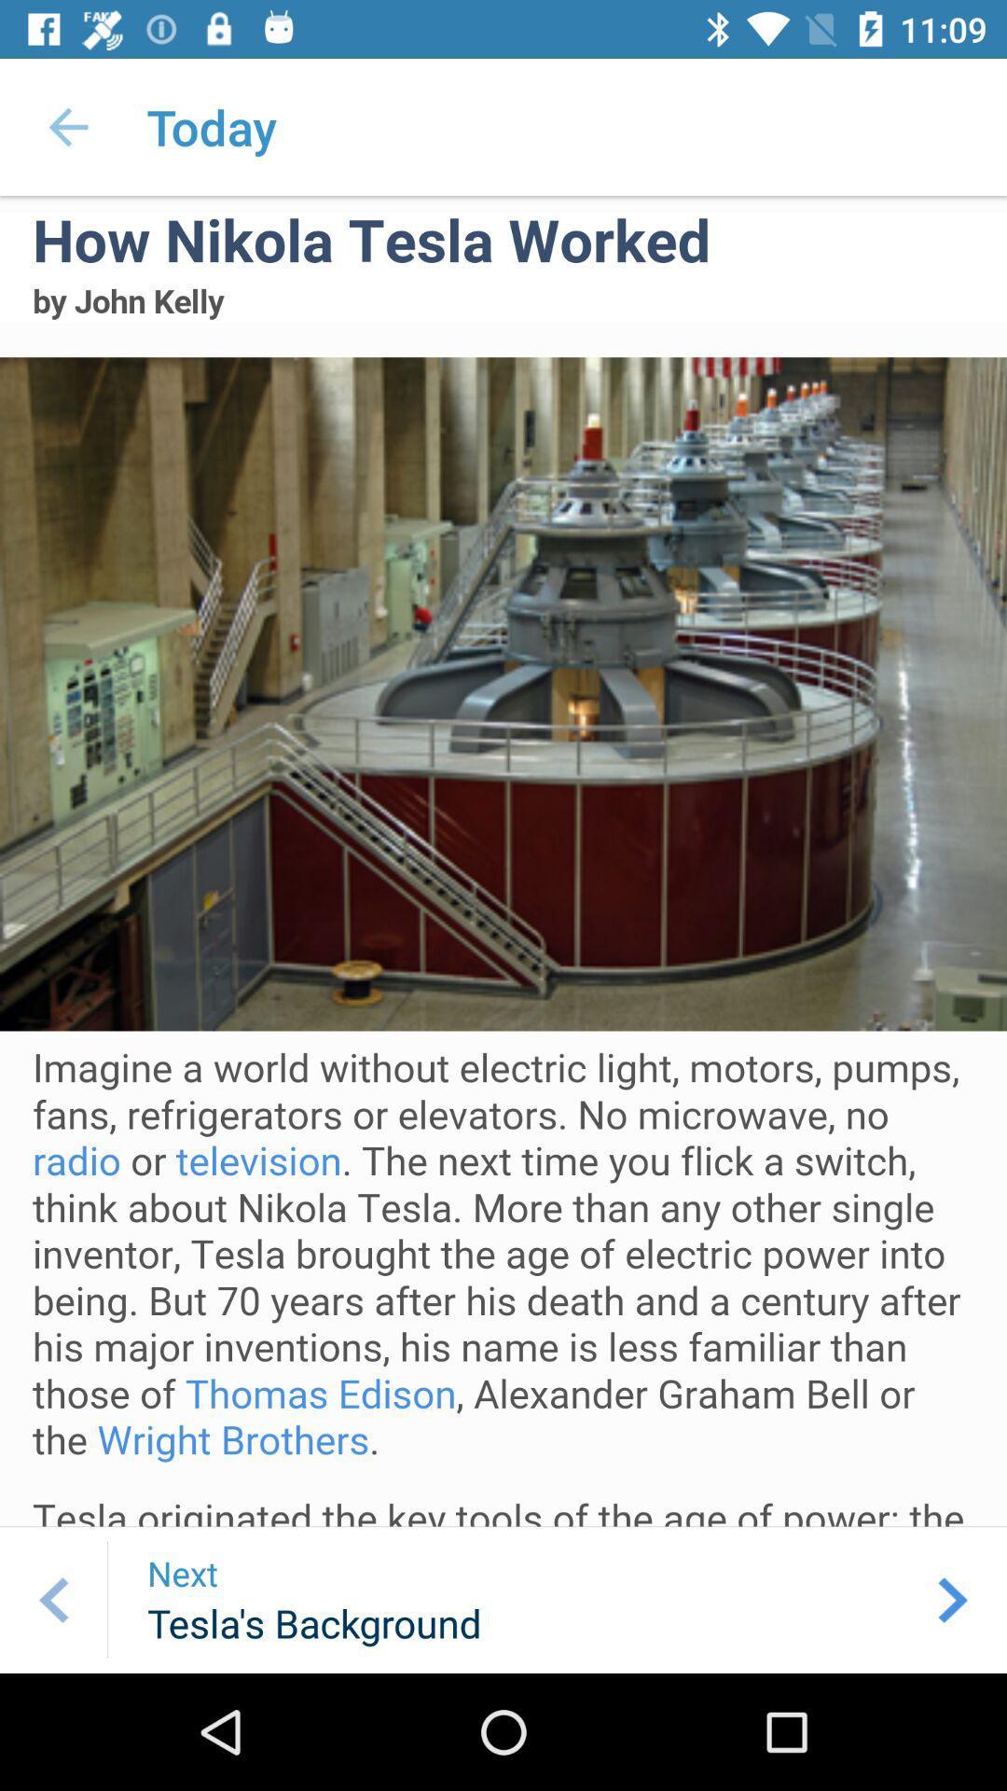 This screenshot has height=1791, width=1007. Describe the element at coordinates (52, 1599) in the screenshot. I see `go back` at that location.